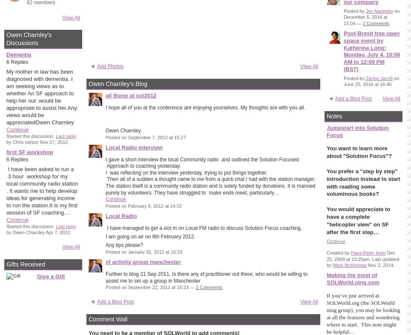  What do you see at coordinates (37, 142) in the screenshot?
I see `'by Chris Iveson Nov 27, 2012.'` at bounding box center [37, 142].